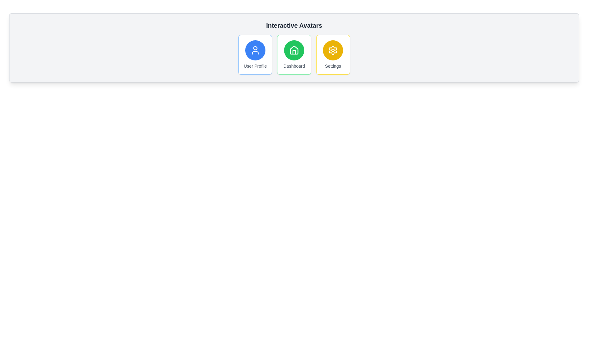 The width and height of the screenshot is (606, 340). Describe the element at coordinates (333, 54) in the screenshot. I see `the settings option Card with an icon and text label, which is the third card in a horizontal grid layout` at that location.